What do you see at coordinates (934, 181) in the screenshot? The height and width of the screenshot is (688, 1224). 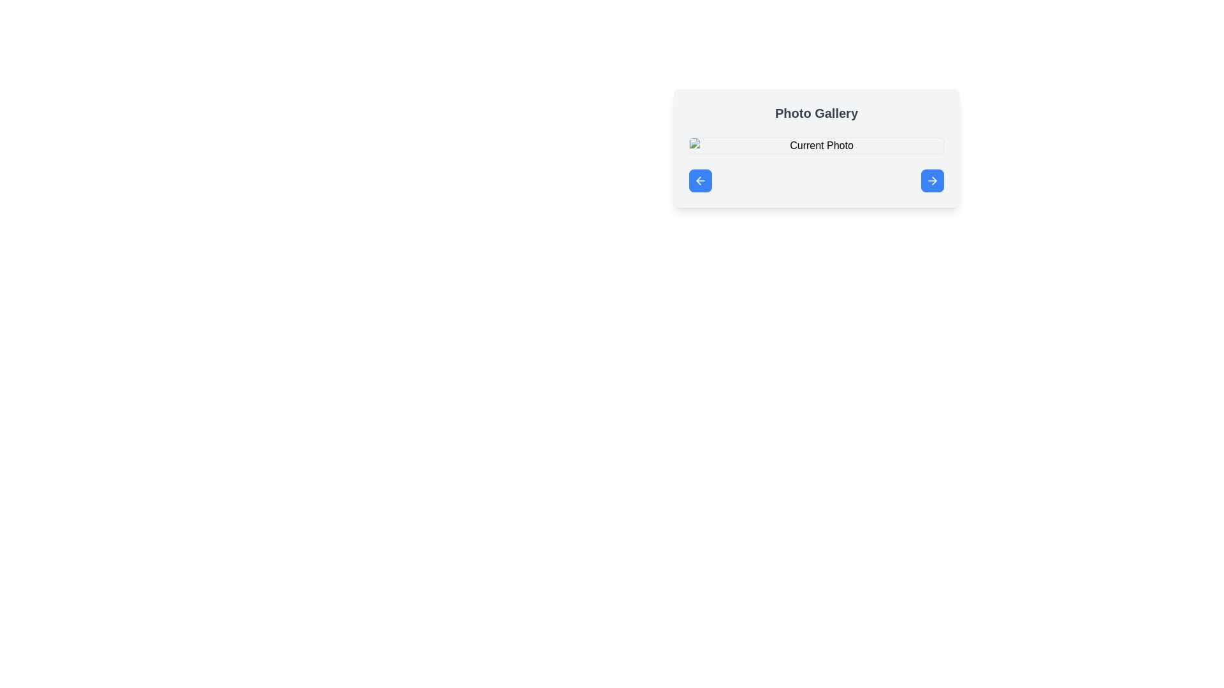 I see `the forward icon located inside the blue button at the bottom-right corner of the 'Photo Gallery' box, which indicates proceeding to the next step` at bounding box center [934, 181].